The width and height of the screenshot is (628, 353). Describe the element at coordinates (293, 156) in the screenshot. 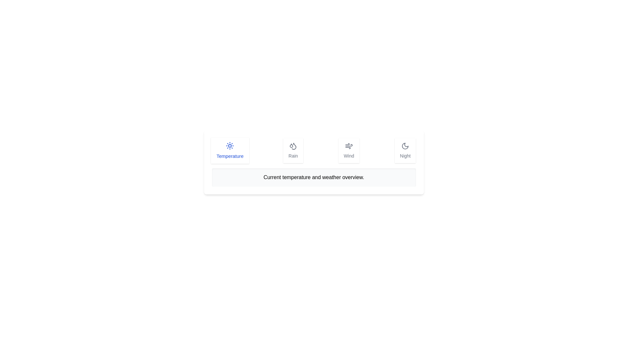

I see `the label indicating rain or precipitation information, which is centered in the second icon group between 'Temperature' and 'Wind'` at that location.